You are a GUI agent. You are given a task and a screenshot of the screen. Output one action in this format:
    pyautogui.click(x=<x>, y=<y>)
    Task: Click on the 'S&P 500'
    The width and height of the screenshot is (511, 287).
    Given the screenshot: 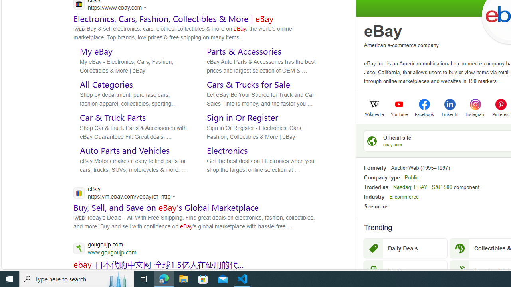 What is the action you would take?
    pyautogui.click(x=442, y=187)
    